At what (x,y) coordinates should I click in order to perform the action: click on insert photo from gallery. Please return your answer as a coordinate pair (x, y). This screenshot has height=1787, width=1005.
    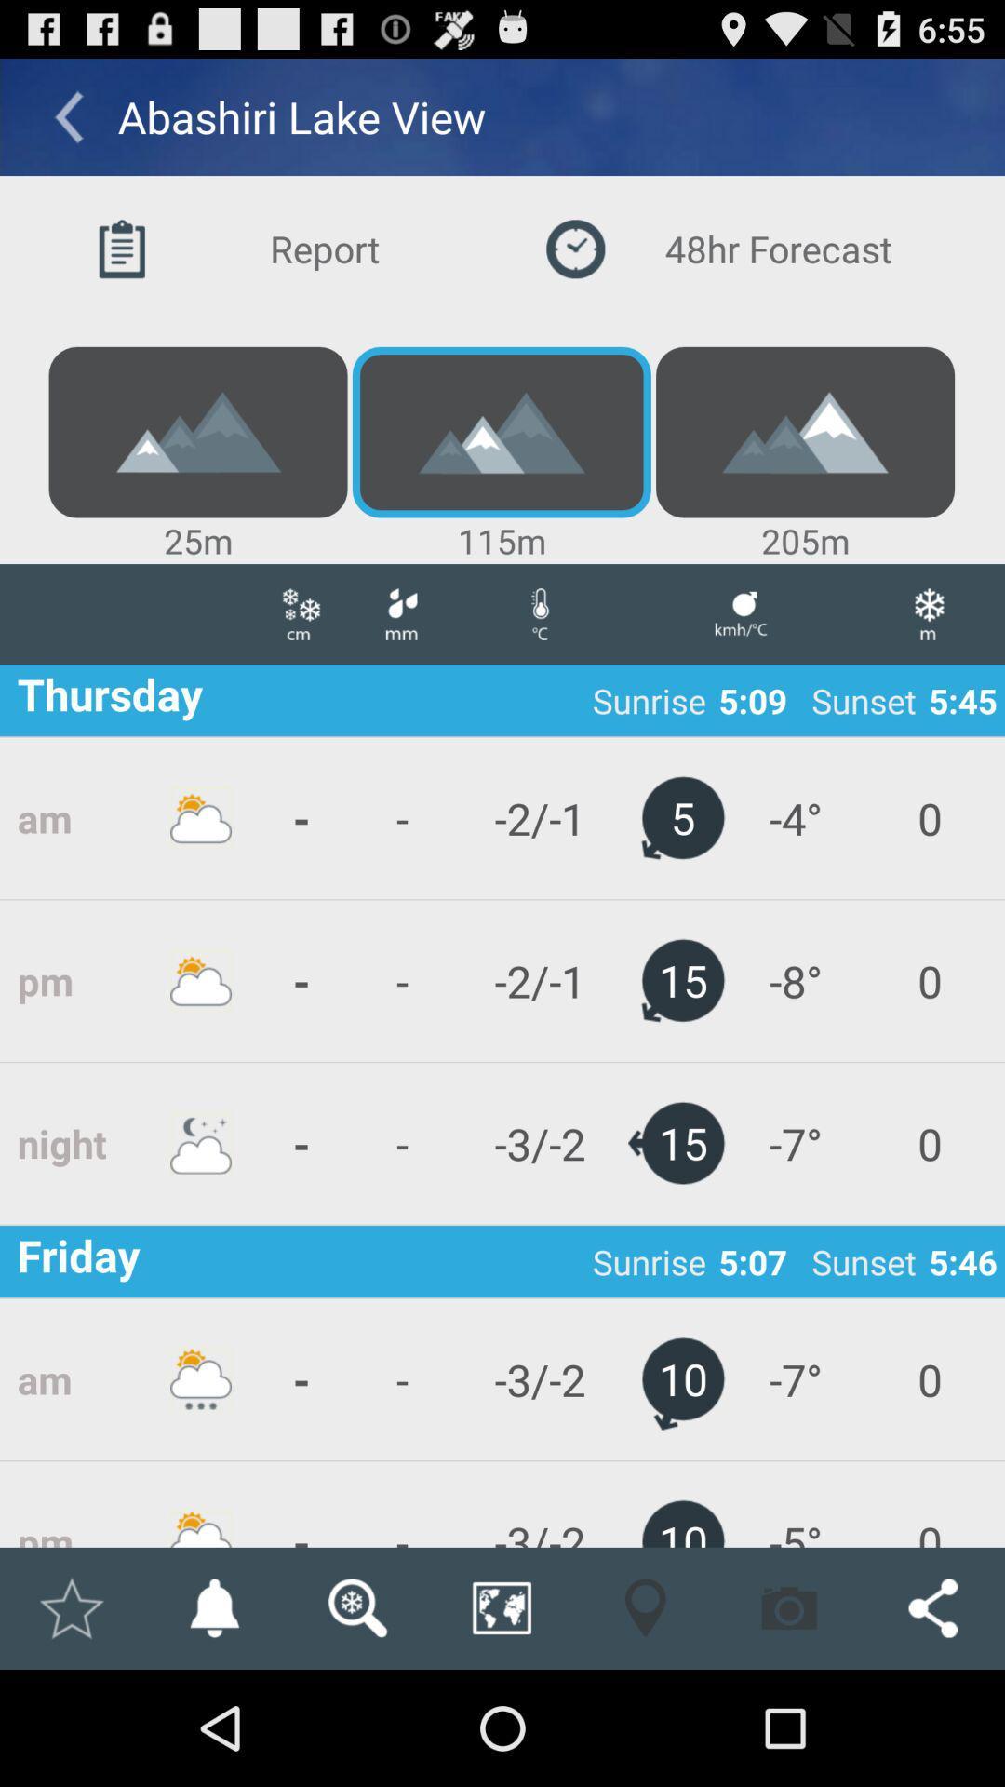
    Looking at the image, I should click on (789, 1607).